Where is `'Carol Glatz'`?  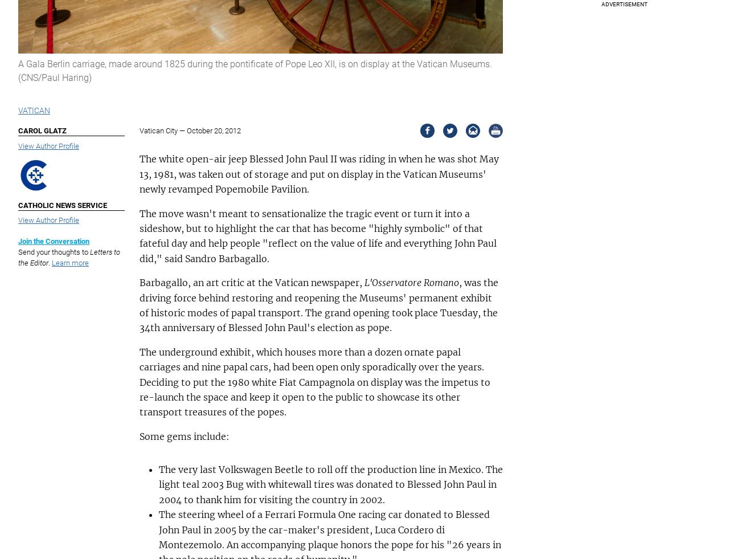 'Carol Glatz' is located at coordinates (42, 130).